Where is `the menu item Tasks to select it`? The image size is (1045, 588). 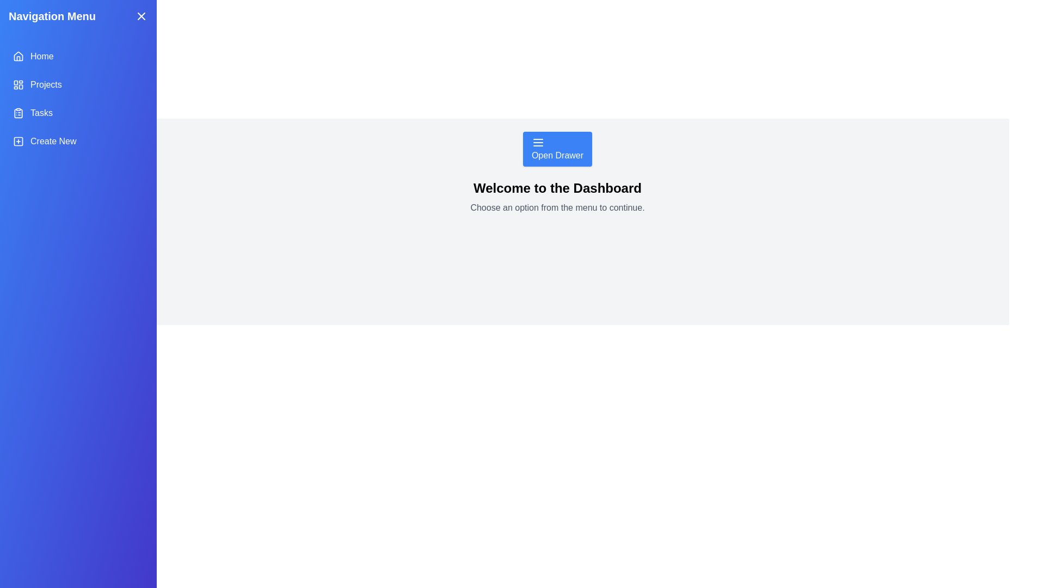 the menu item Tasks to select it is located at coordinates (78, 113).